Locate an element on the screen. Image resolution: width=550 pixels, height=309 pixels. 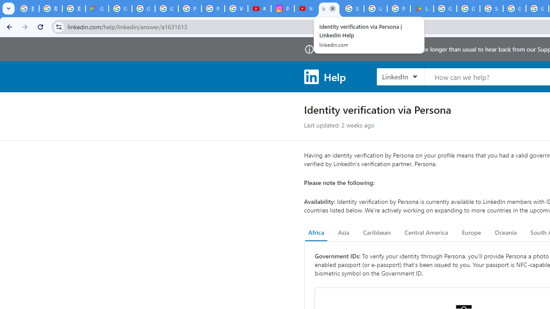
'Last Shelter: Survival - Apps on Google Play' is located at coordinates (422, 9).